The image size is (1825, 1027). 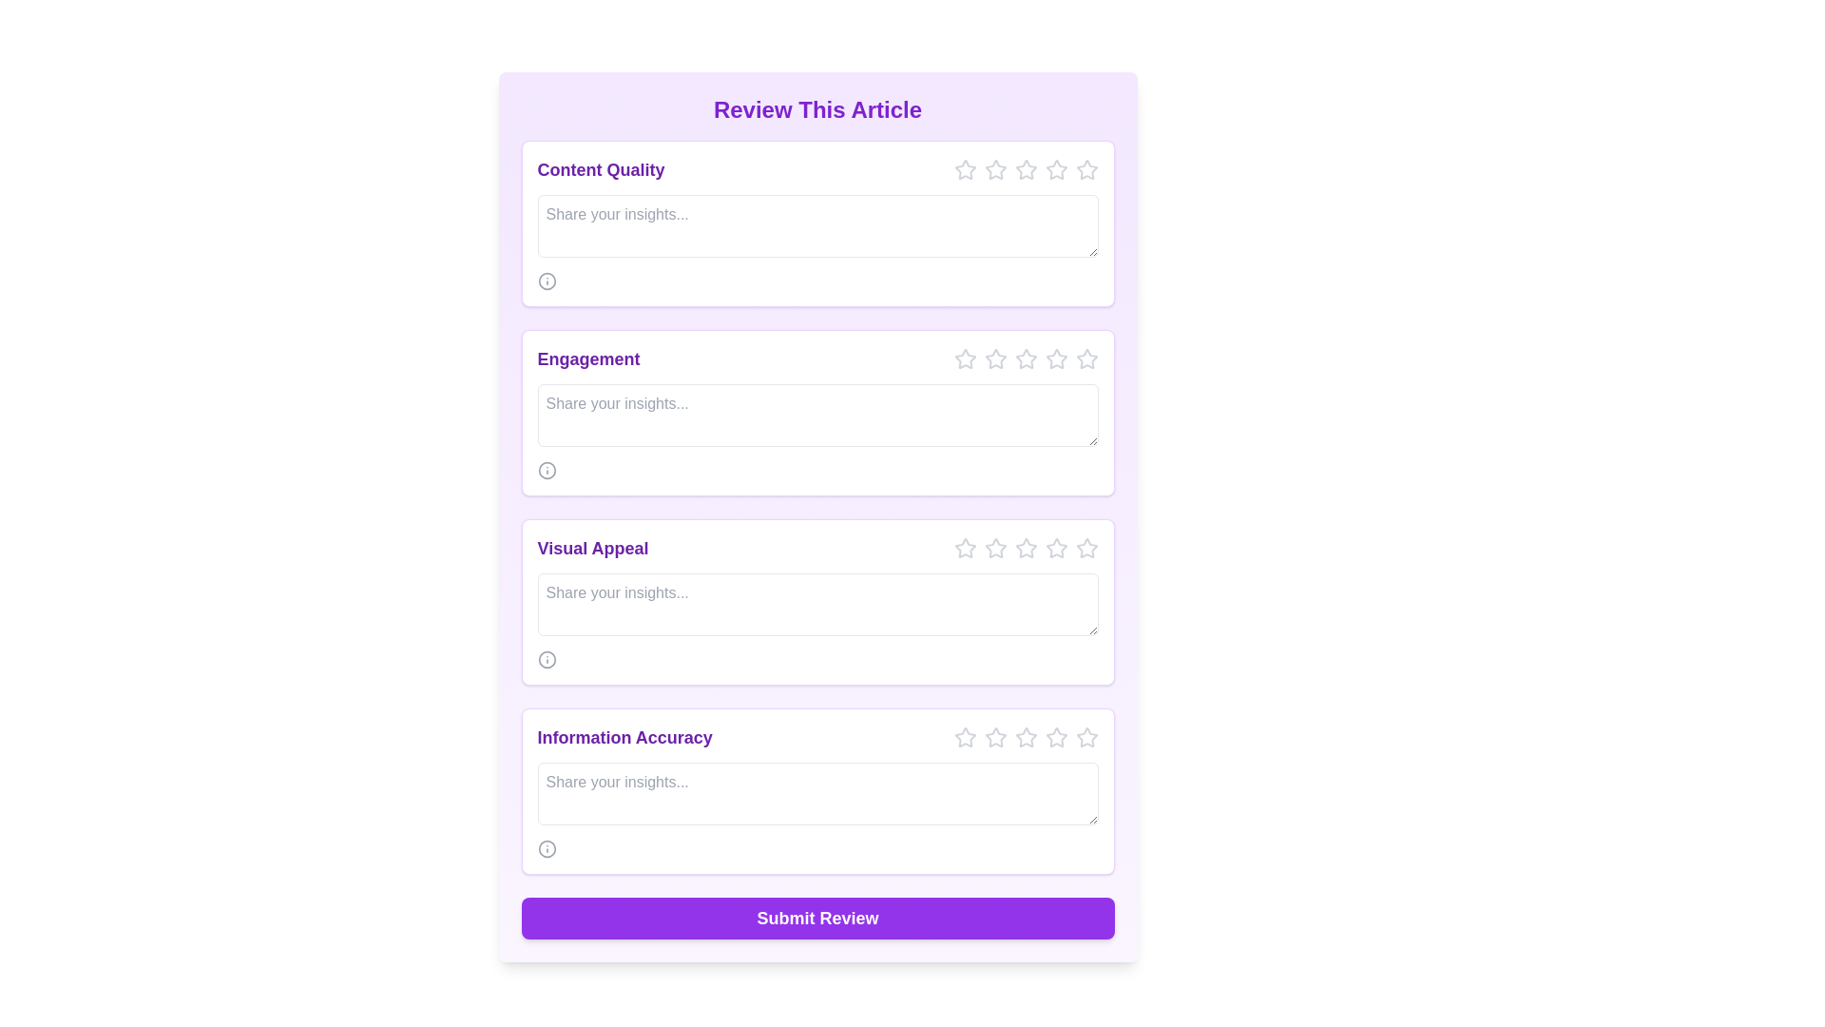 What do you see at coordinates (546, 470) in the screenshot?
I see `the Information icon, which is a circular icon with a lowercase 'i' symbol, located near the bottom left corner of the 'Engagement' section` at bounding box center [546, 470].